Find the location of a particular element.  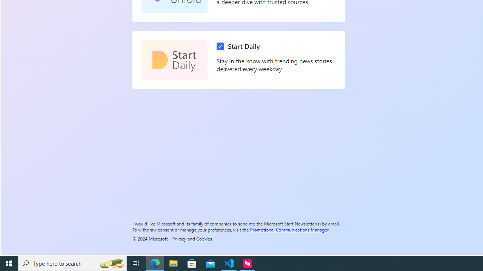

'Promotional Communications Manager' is located at coordinates (289, 229).